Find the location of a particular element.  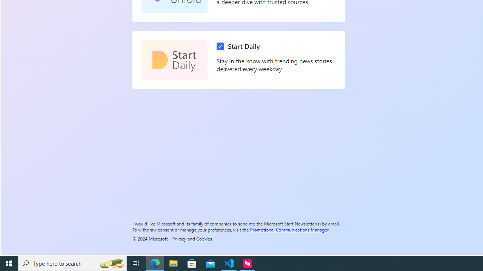

'Promotional Communications Manager' is located at coordinates (289, 229).